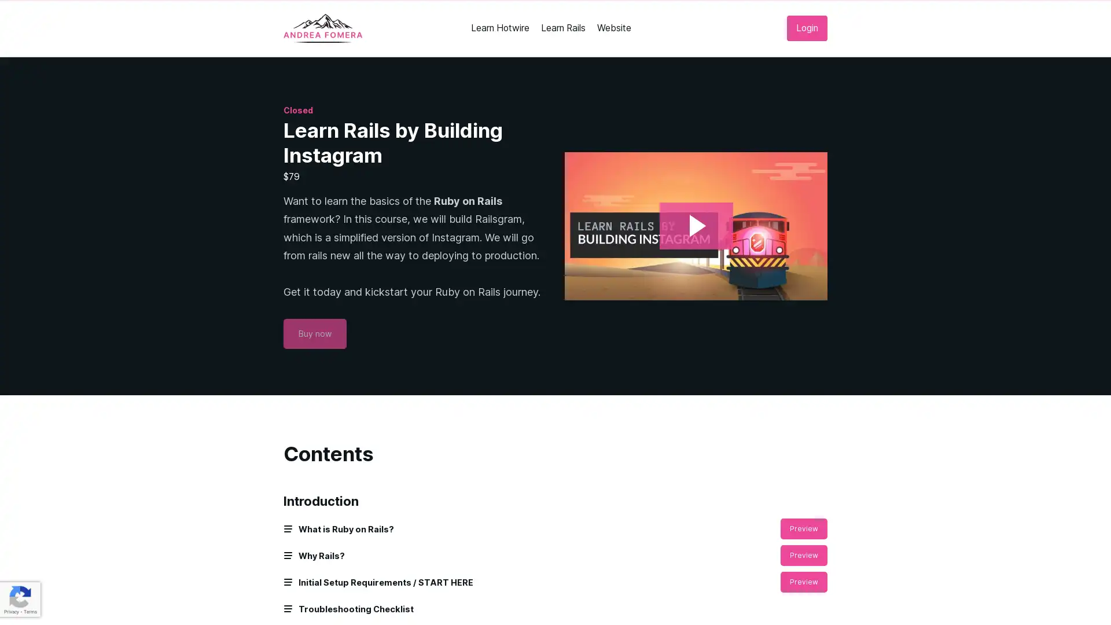 The image size is (1111, 625). What do you see at coordinates (695, 225) in the screenshot?
I see `Play` at bounding box center [695, 225].